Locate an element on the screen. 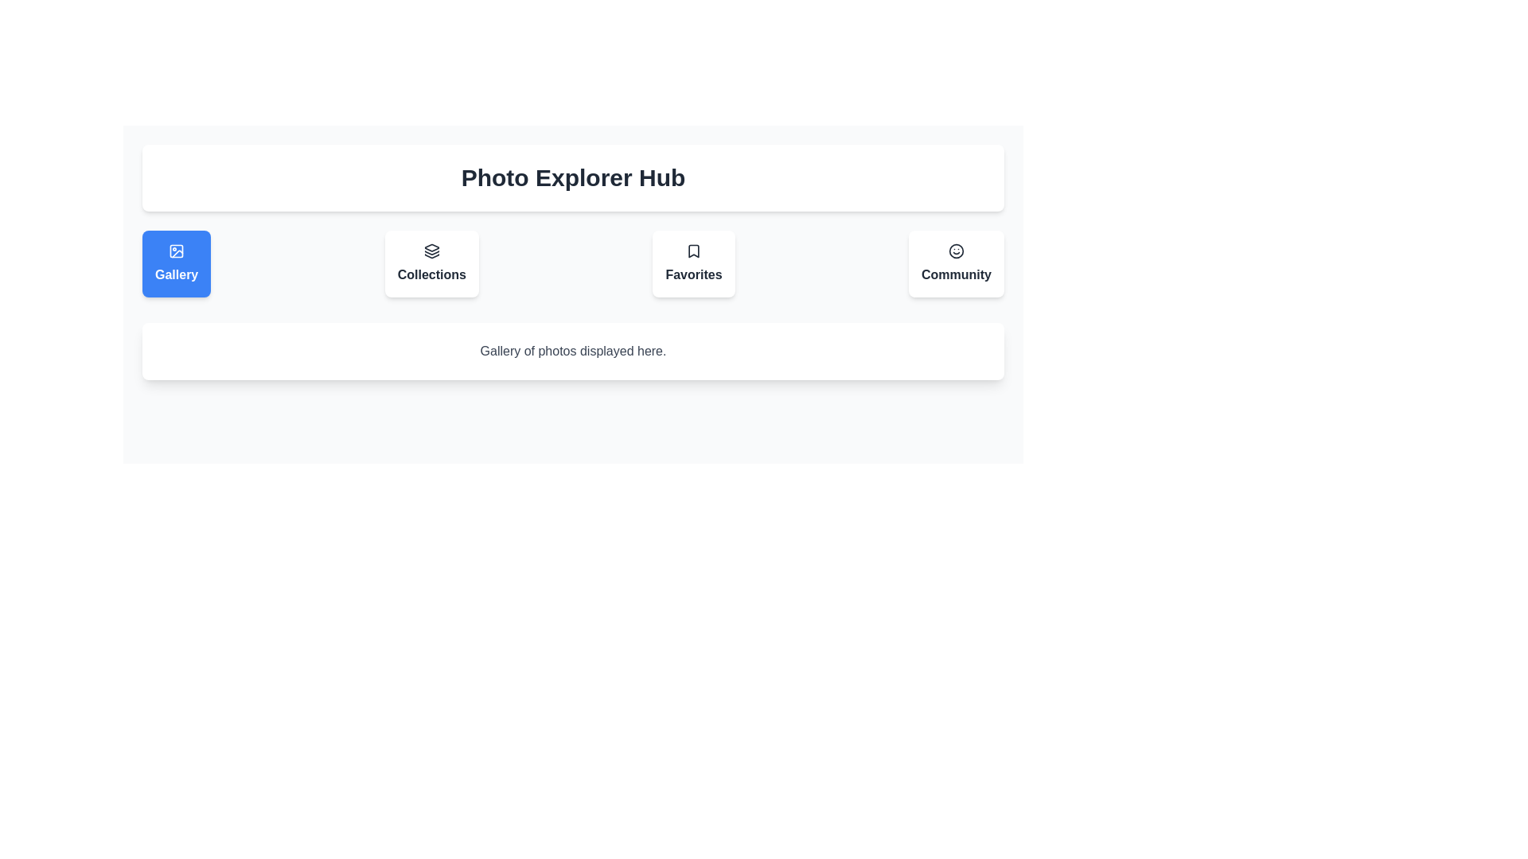  the rectangular button labeled 'Gallery' with a blue background and white text, positioned on the leftmost side of the button row is located at coordinates (177, 262).